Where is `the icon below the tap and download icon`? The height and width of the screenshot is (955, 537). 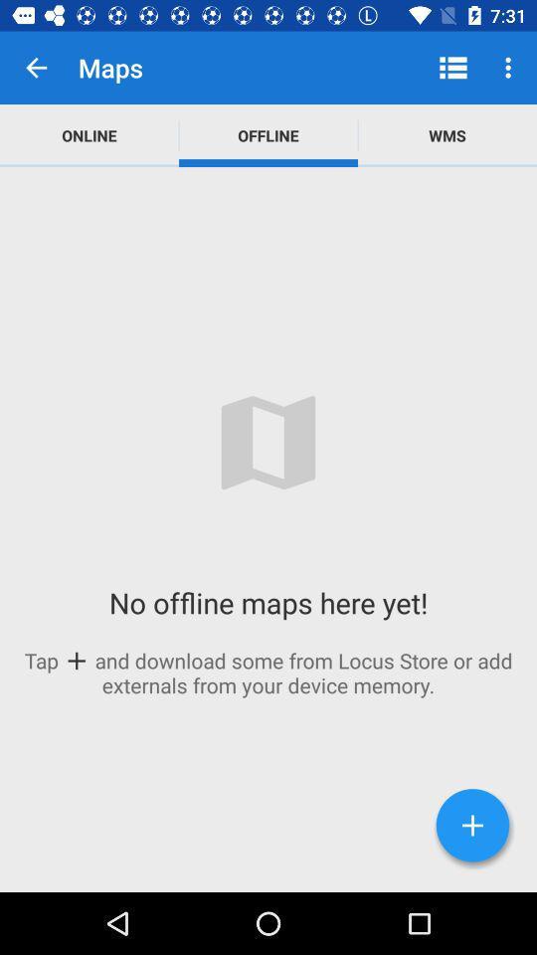 the icon below the tap and download icon is located at coordinates (471, 825).